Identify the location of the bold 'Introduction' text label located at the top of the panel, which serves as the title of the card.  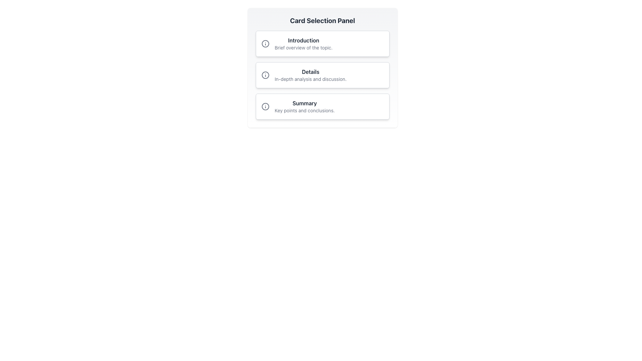
(303, 40).